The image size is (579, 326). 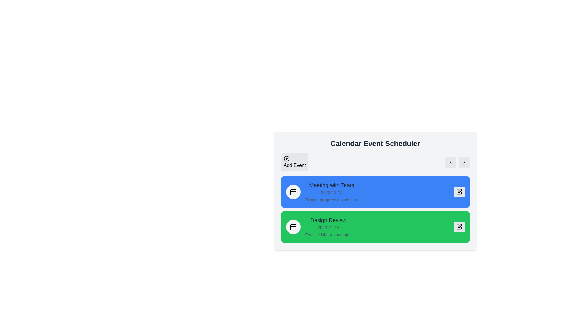 What do you see at coordinates (328, 220) in the screenshot?
I see `text from the green text label that serves as the title of the second calendar event, located at the top of the event above the date and description` at bounding box center [328, 220].